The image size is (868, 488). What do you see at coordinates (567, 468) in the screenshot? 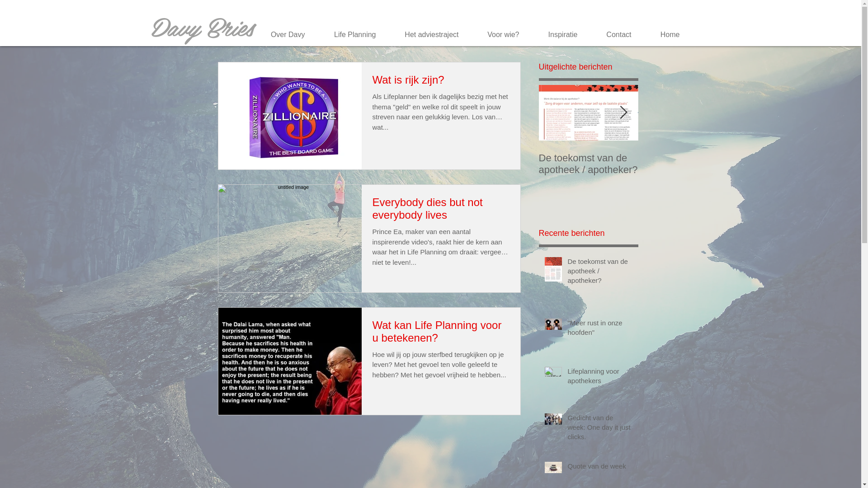
I see `'Quote van de week'` at bounding box center [567, 468].